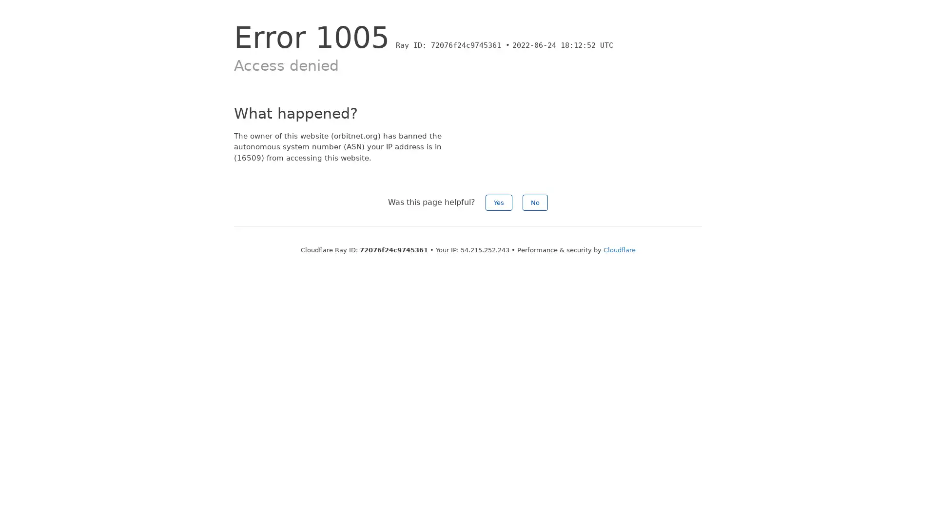 The height and width of the screenshot is (527, 936). What do you see at coordinates (535, 202) in the screenshot?
I see `No` at bounding box center [535, 202].